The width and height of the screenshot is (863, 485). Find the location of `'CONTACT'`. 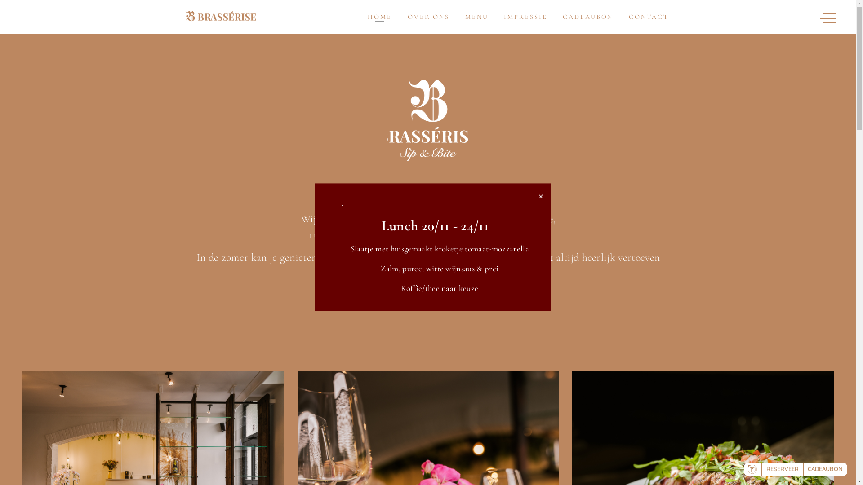

'CONTACT' is located at coordinates (649, 17).